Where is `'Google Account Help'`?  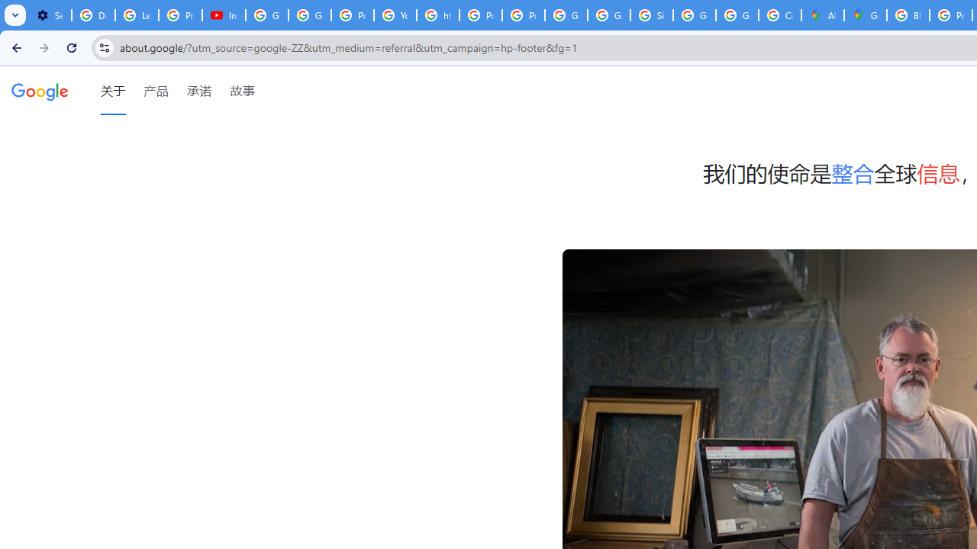 'Google Account Help' is located at coordinates (267, 15).